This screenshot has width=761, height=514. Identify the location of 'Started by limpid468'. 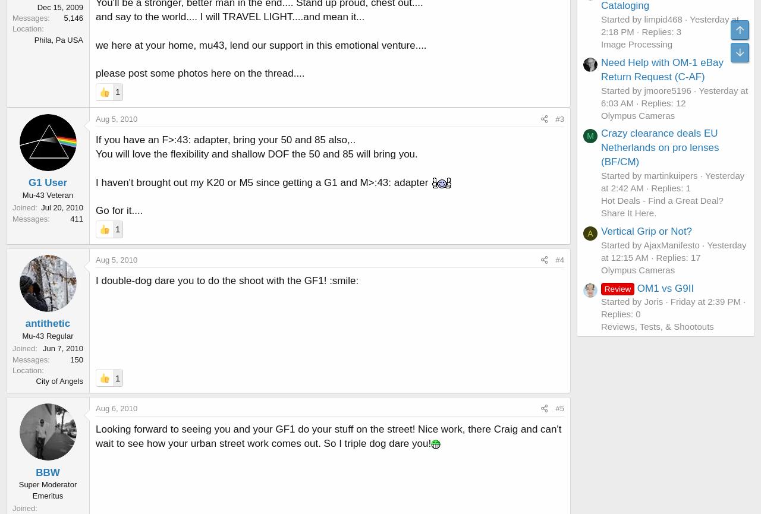
(641, 18).